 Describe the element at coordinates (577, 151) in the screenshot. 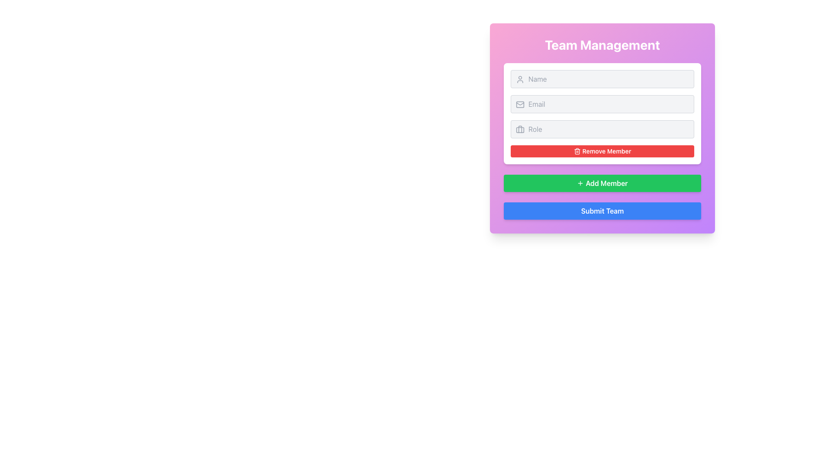

I see `the removal icon located within the 'Remove Member' button` at that location.